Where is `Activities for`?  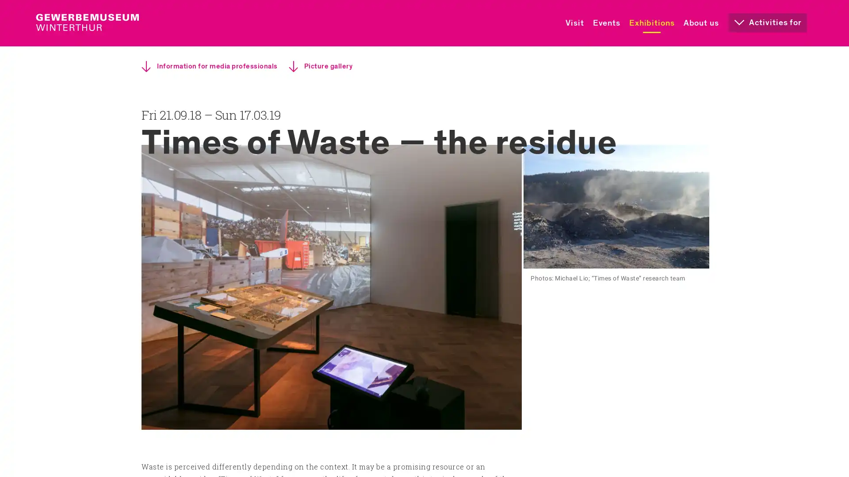 Activities for is located at coordinates (767, 22).